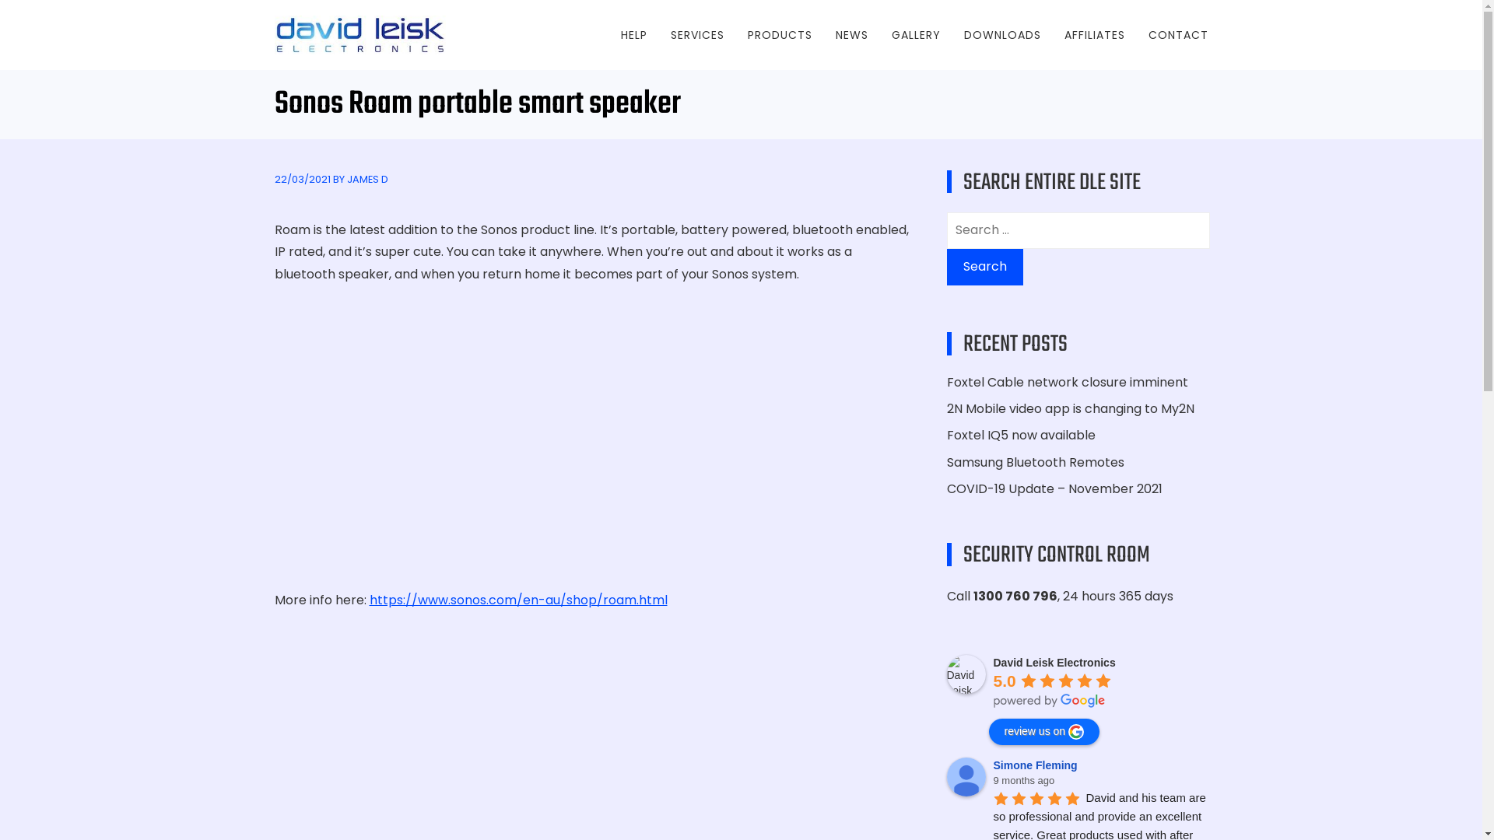  What do you see at coordinates (945, 460) in the screenshot?
I see `'Samsung Bluetooth Remotes'` at bounding box center [945, 460].